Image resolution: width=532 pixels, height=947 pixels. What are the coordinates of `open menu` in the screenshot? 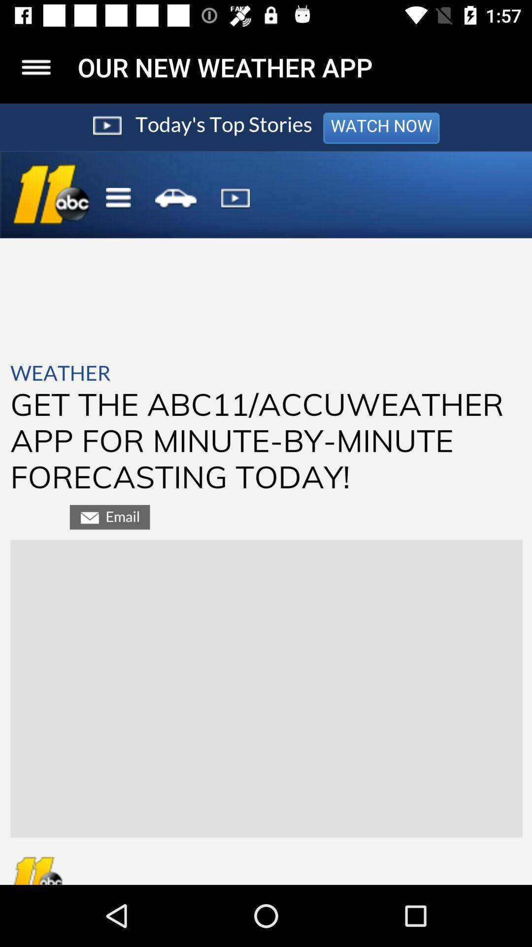 It's located at (35, 67).